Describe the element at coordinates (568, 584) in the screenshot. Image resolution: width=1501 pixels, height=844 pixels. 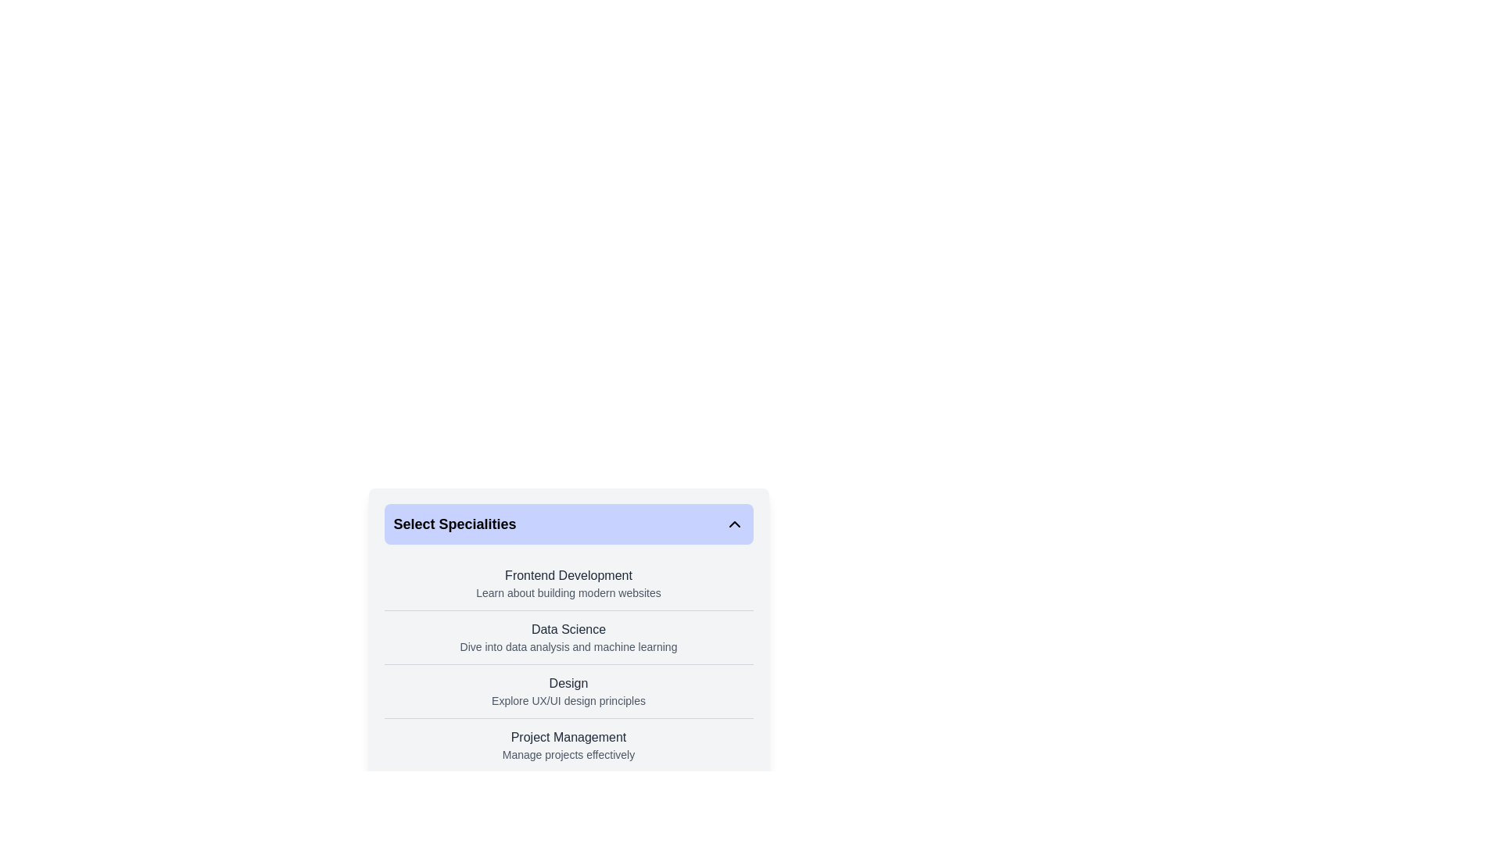
I see `the list item representing the topic 'Frontend Development' in the dropdown menu under 'Select Specialities'` at that location.